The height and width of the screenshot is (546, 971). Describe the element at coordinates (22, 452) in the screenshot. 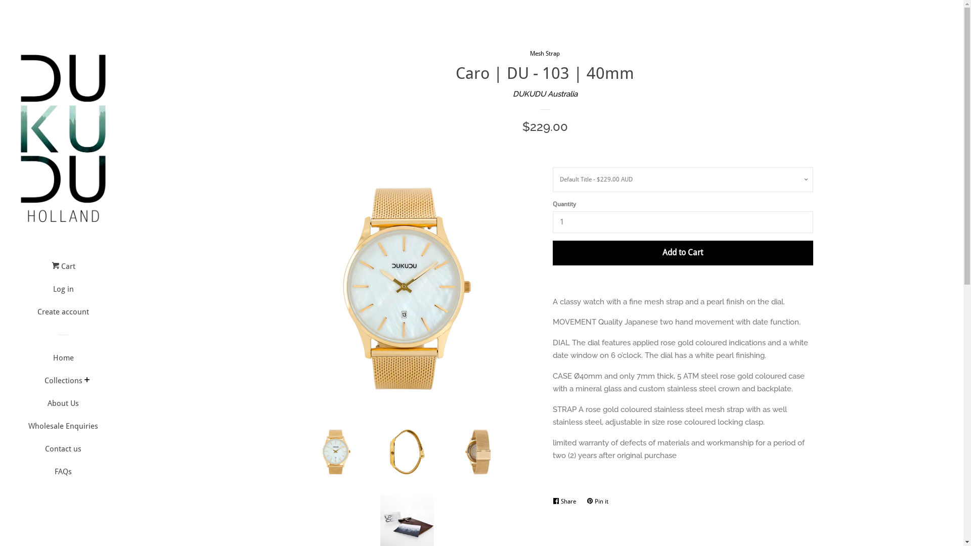

I see `'Contact us'` at that location.